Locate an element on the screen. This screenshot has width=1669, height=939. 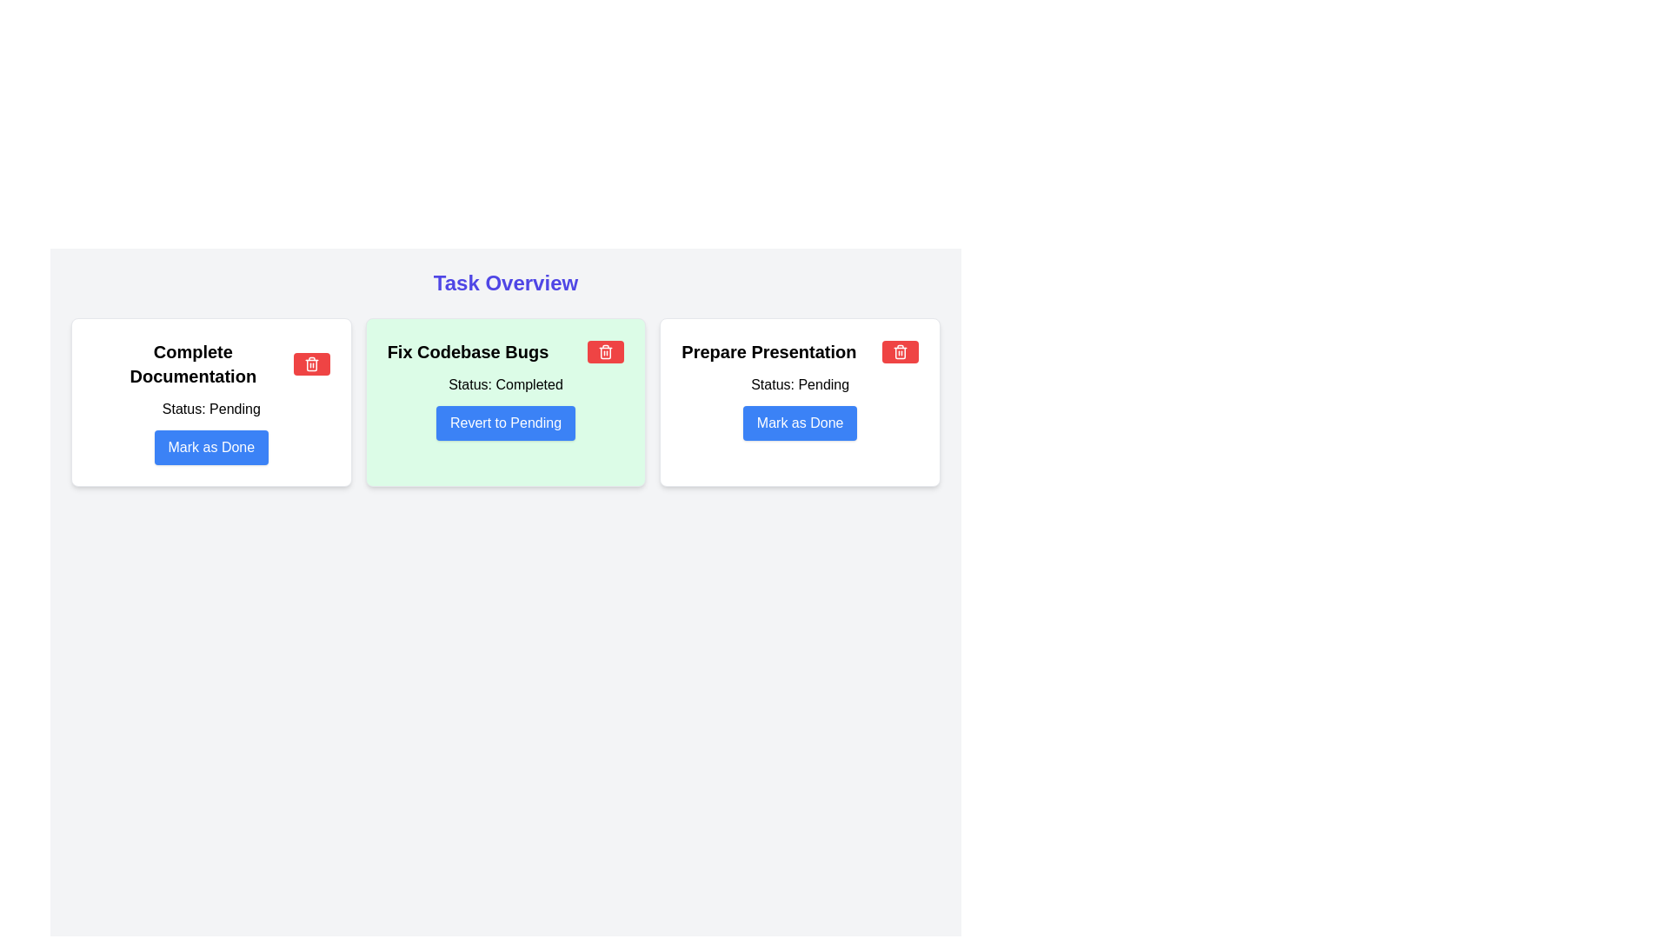
the trash can icon with a red background indicating the delete function, located at the top-right of the 'Fix Codebase Bugs' task card is located at coordinates (901, 352).